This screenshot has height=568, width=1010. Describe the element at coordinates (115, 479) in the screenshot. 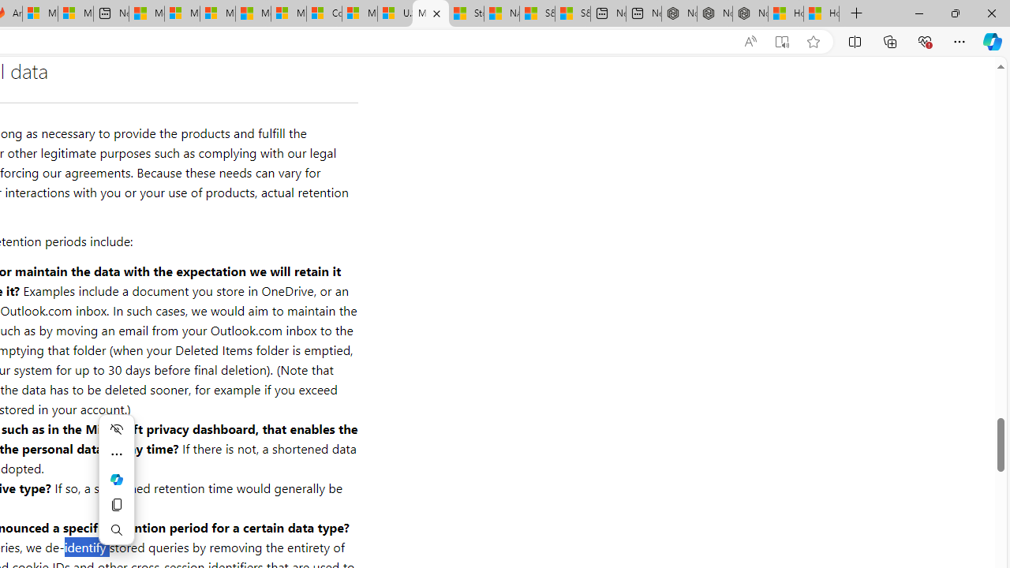

I see `'Ask Copilot'` at that location.